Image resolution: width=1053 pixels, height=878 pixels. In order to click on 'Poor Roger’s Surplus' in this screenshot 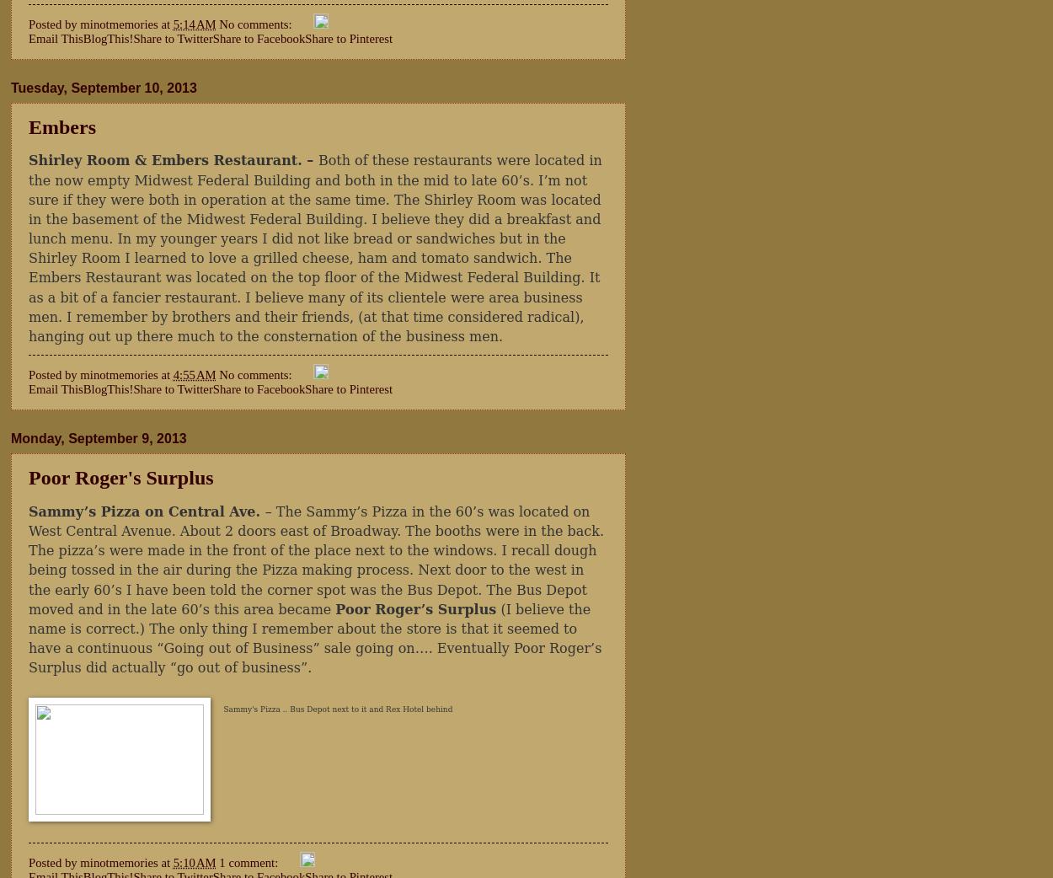, I will do `click(414, 608)`.